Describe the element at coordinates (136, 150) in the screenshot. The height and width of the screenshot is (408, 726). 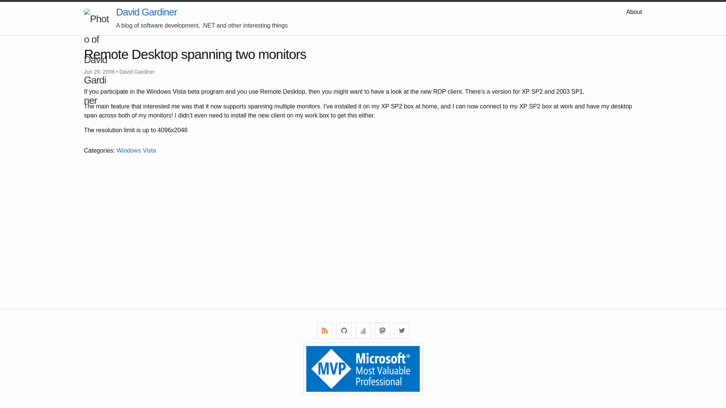
I see `'Windows Vista'` at that location.